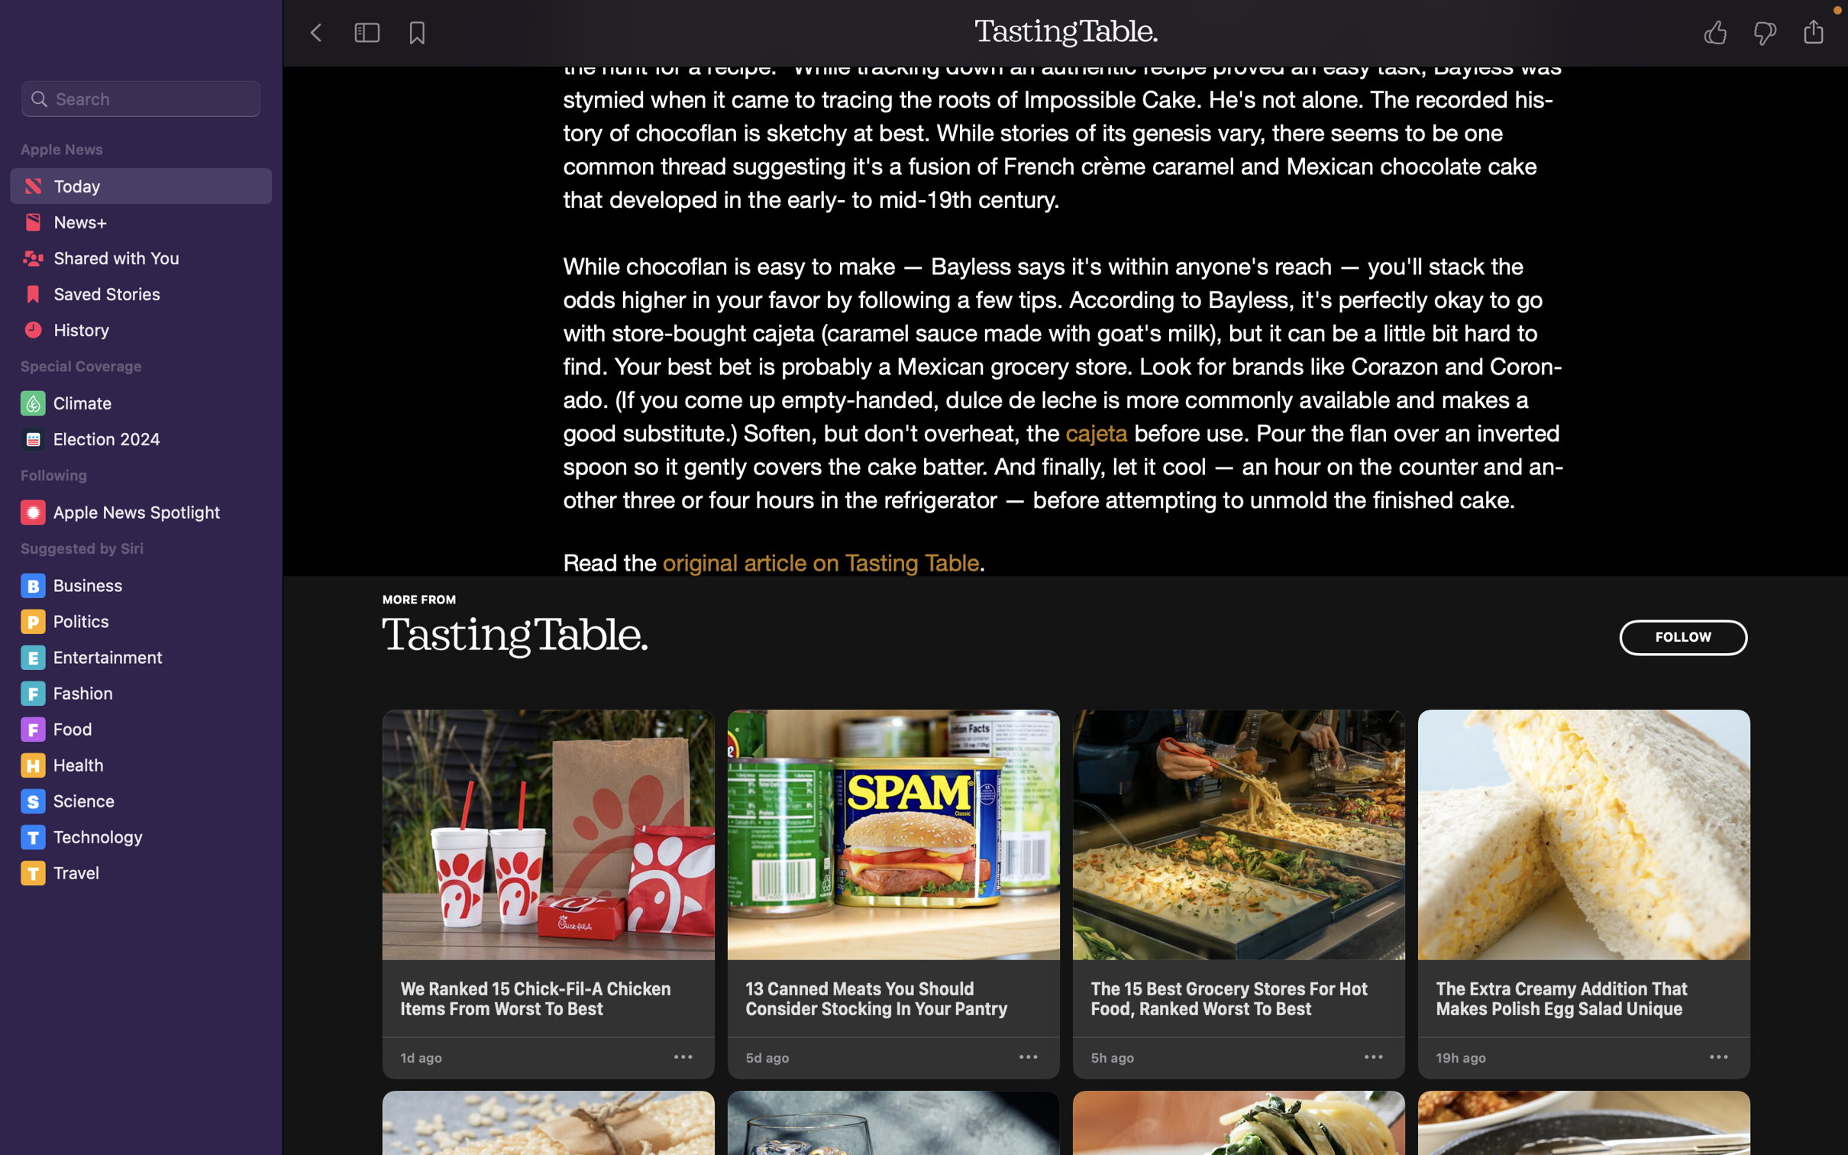 This screenshot has width=1848, height=1155. I want to click on the fourth article on the Tasting Table website, so click(1583, 873).